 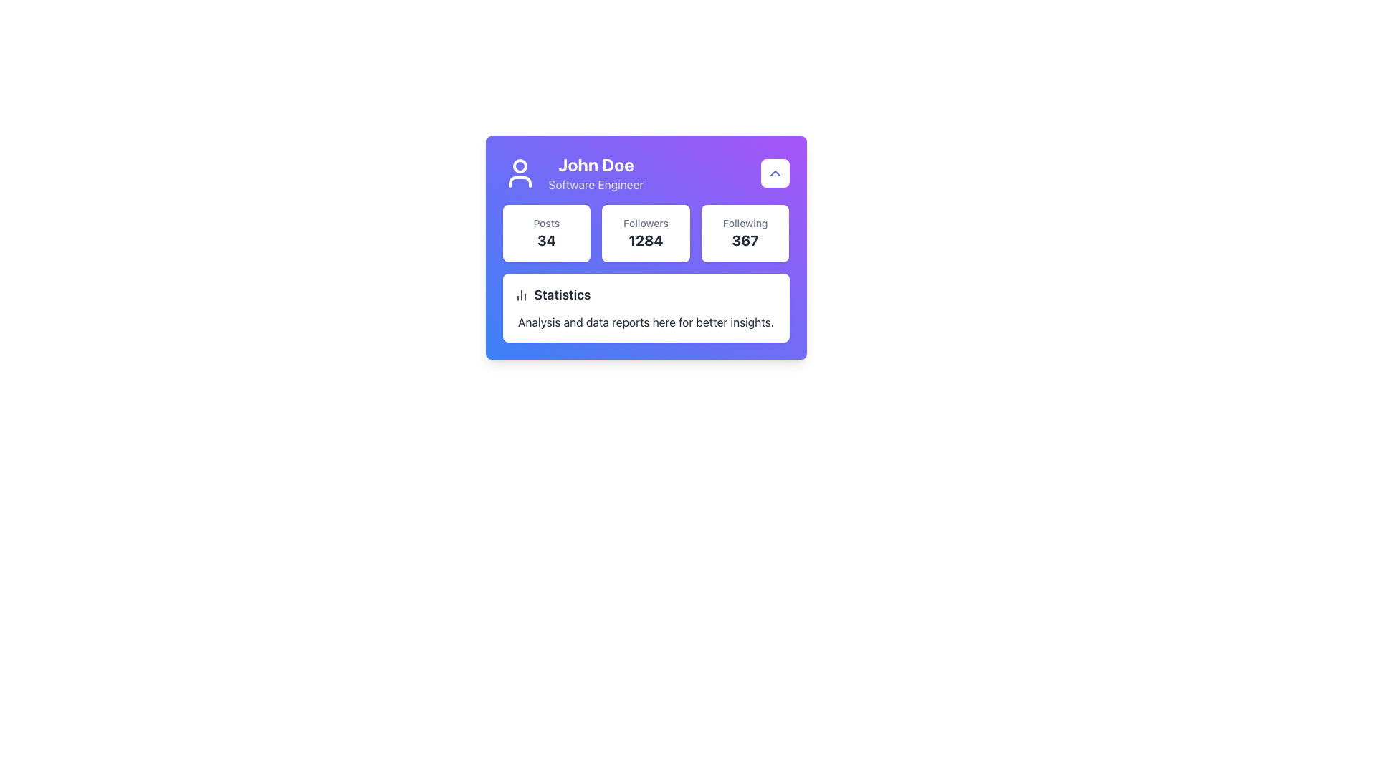 What do you see at coordinates (645, 295) in the screenshot?
I see `'Statistics' section header text label with icon to check its styling` at bounding box center [645, 295].